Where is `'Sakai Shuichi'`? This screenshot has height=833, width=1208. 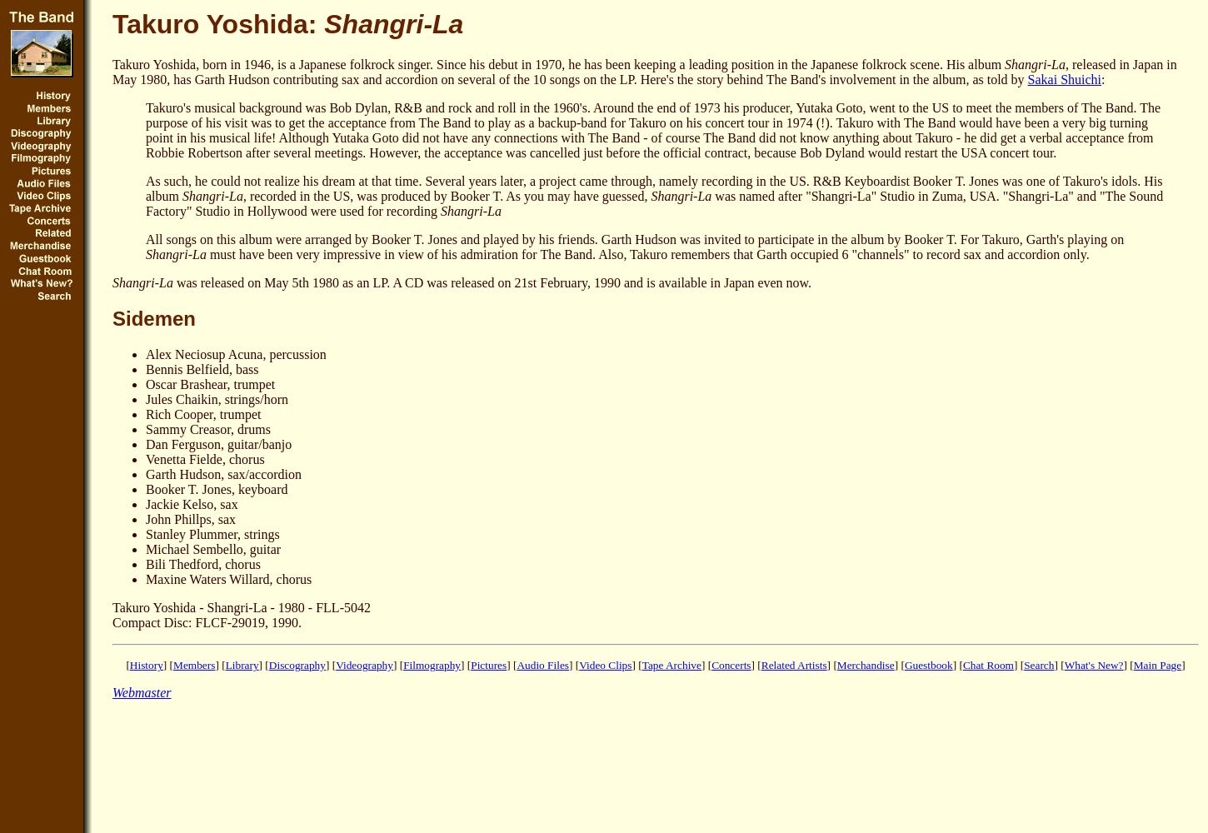
'Sakai Shuichi' is located at coordinates (1026, 78).